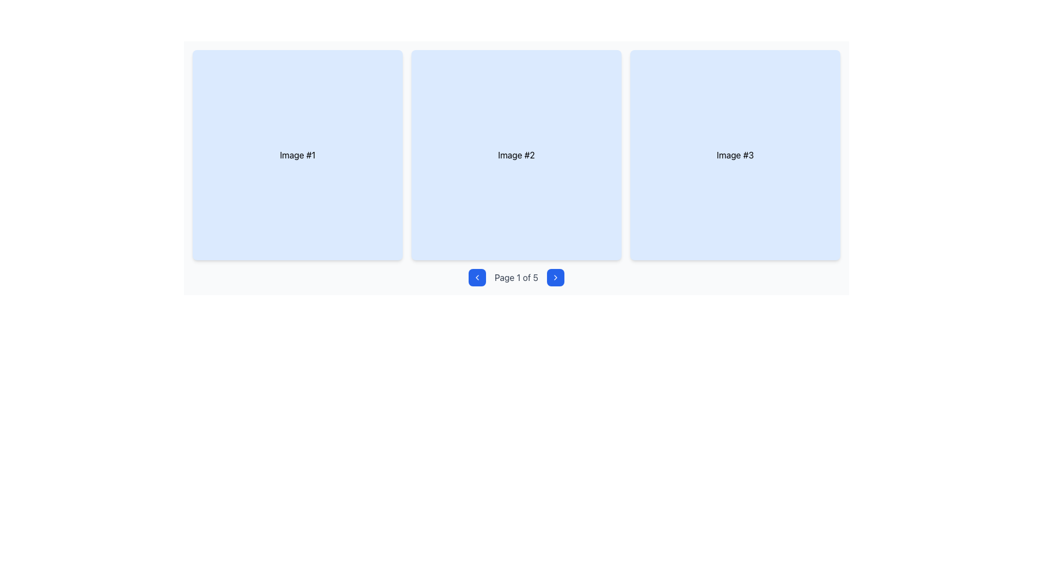 The image size is (1045, 588). What do you see at coordinates (556, 277) in the screenshot?
I see `the button with a blue background and white text featuring a rightward pointing arrow icon, located next to 'Page 1 of 5', to trigger the visual feedback effect` at bounding box center [556, 277].